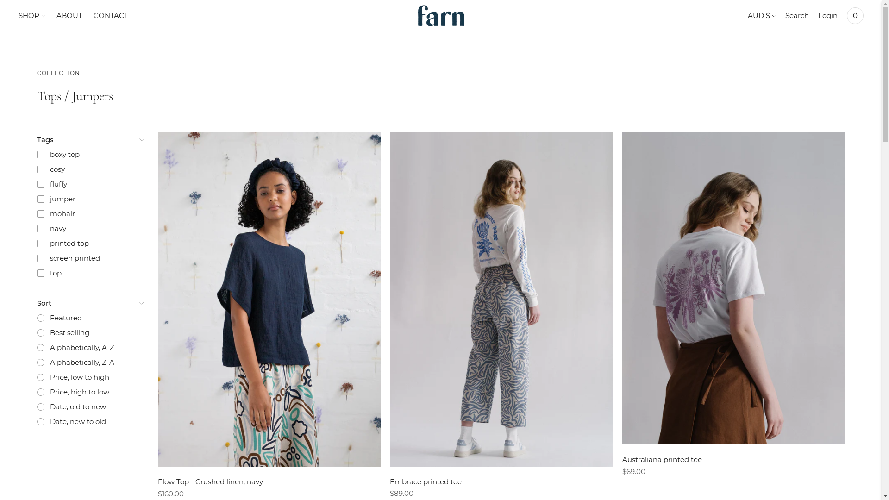 The width and height of the screenshot is (889, 500). I want to click on 'Search', so click(796, 16).